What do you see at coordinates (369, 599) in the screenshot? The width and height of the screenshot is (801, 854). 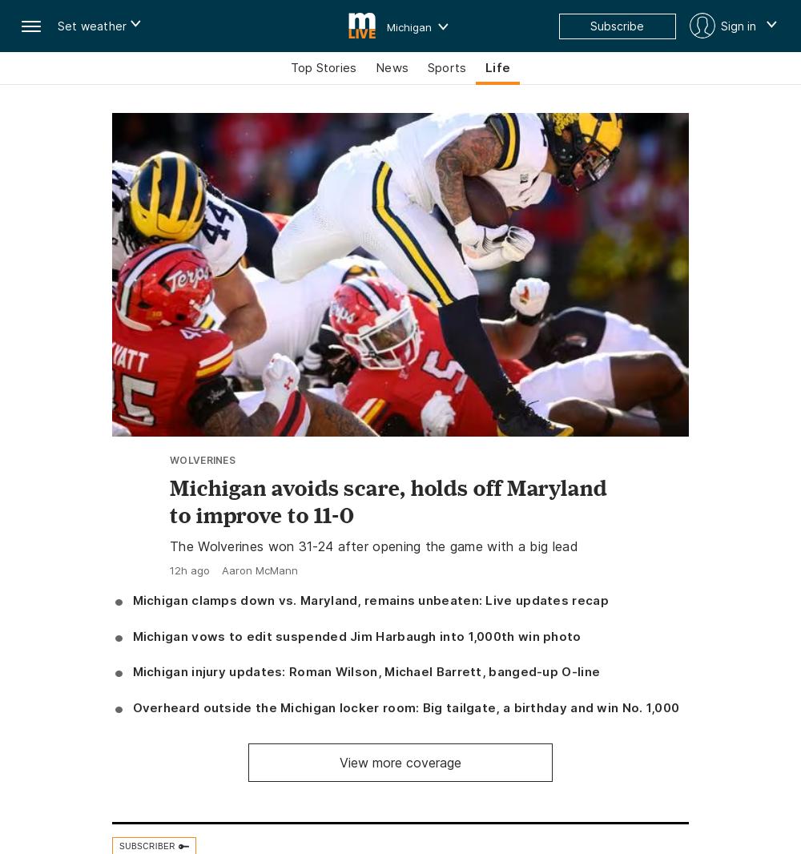 I see `'Michigan clamps down vs. Maryland, remains unbeaten: Live updates recap'` at bounding box center [369, 599].